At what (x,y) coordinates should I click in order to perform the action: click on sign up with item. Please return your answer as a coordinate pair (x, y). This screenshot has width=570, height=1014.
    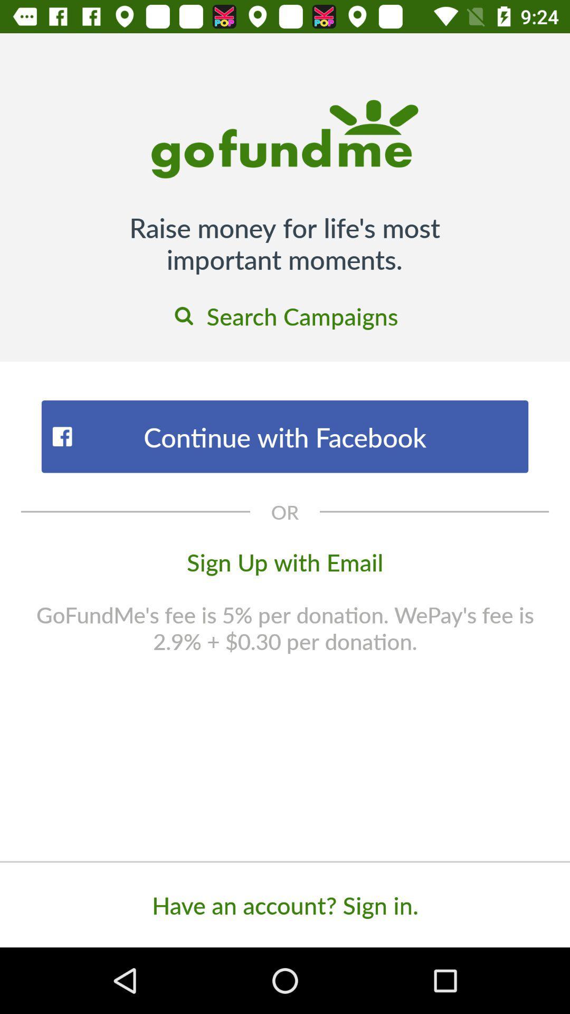
    Looking at the image, I should click on (285, 561).